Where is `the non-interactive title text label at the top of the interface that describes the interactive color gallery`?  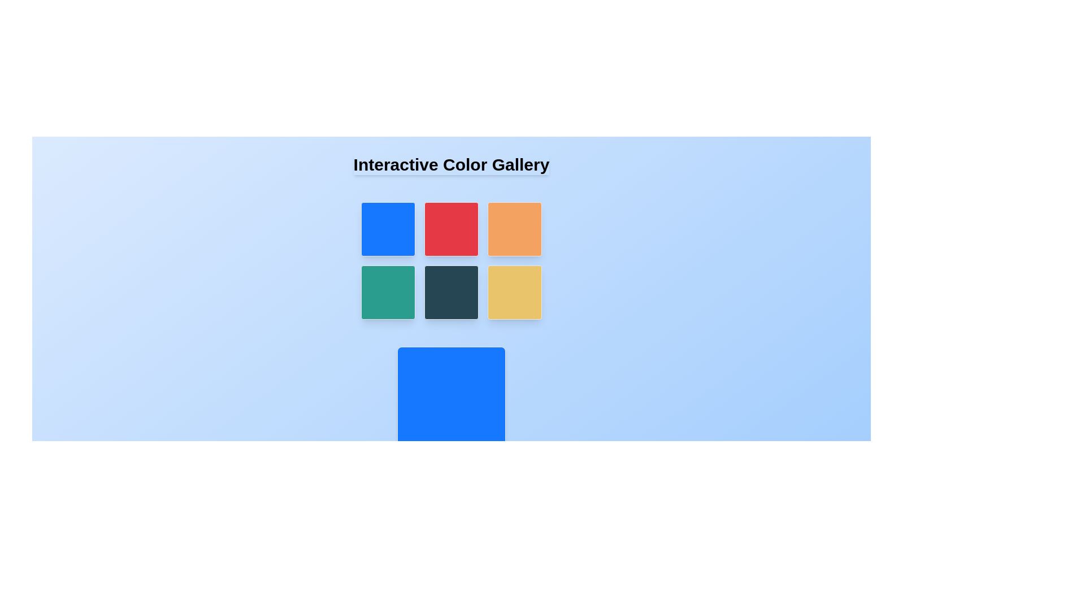 the non-interactive title text label at the top of the interface that describes the interactive color gallery is located at coordinates (450, 165).